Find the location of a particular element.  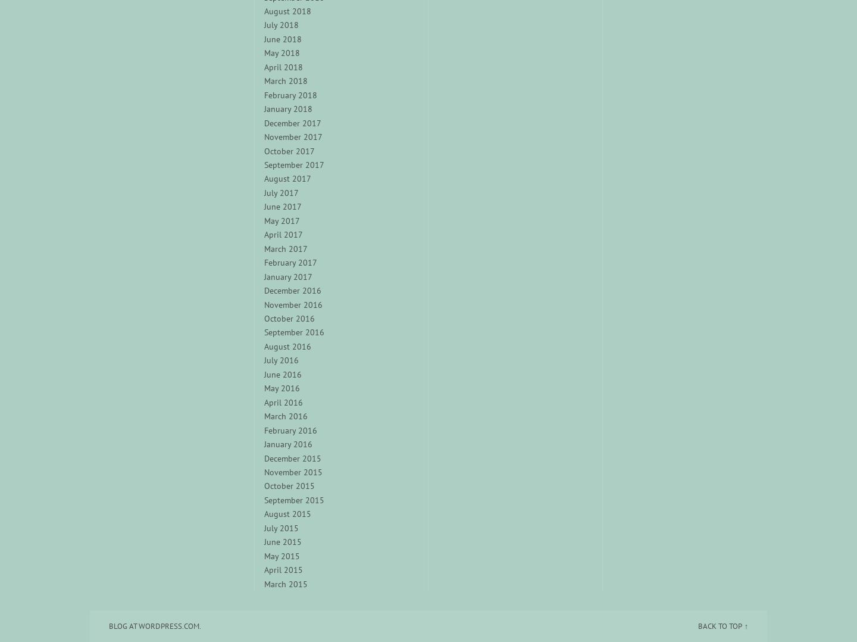

'May 2016' is located at coordinates (282, 387).